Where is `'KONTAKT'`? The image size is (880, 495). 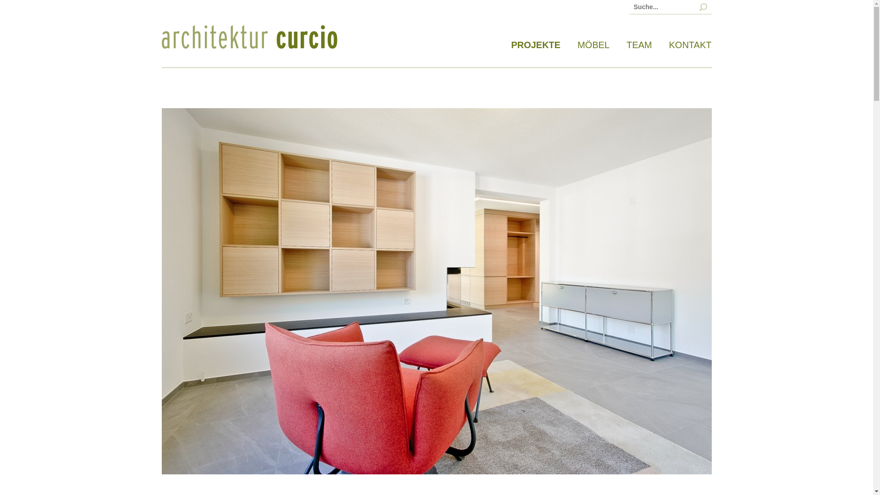
'KONTAKT' is located at coordinates (669, 44).